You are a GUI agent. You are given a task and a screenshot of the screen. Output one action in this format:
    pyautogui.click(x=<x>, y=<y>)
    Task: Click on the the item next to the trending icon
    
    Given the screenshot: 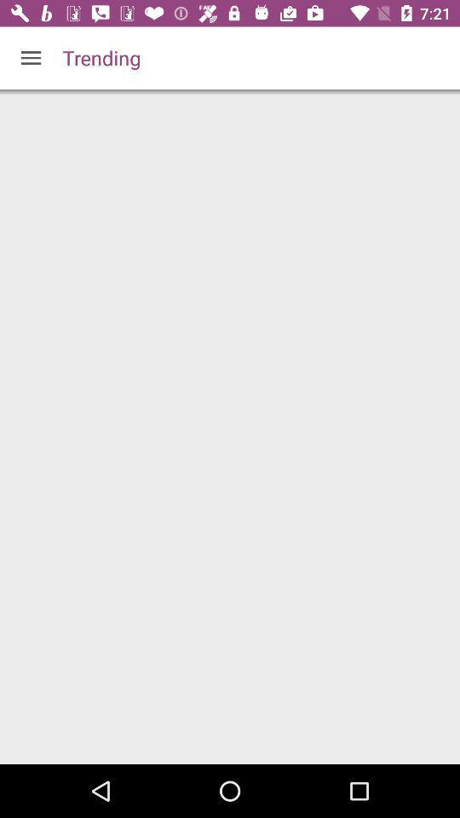 What is the action you would take?
    pyautogui.click(x=31, y=58)
    